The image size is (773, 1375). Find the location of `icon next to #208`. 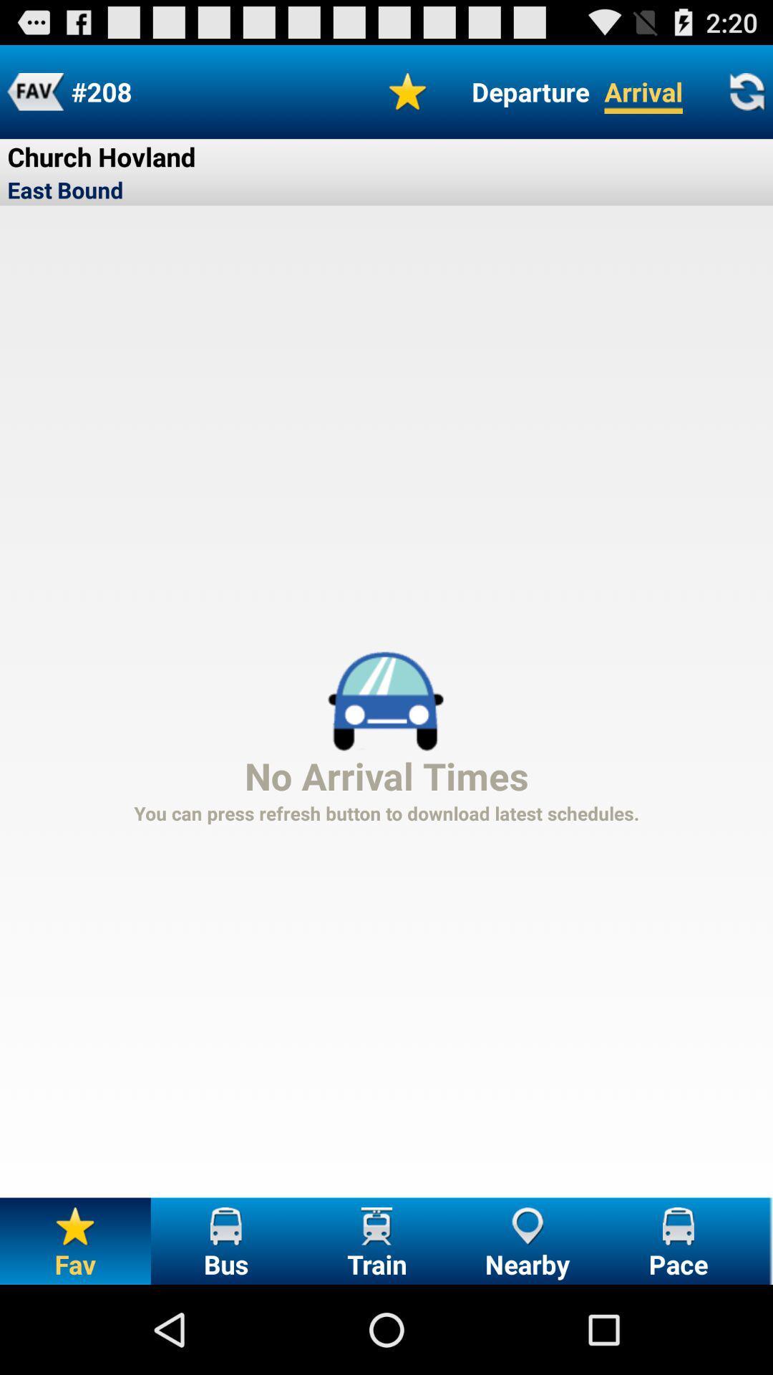

icon next to #208 is located at coordinates (408, 91).